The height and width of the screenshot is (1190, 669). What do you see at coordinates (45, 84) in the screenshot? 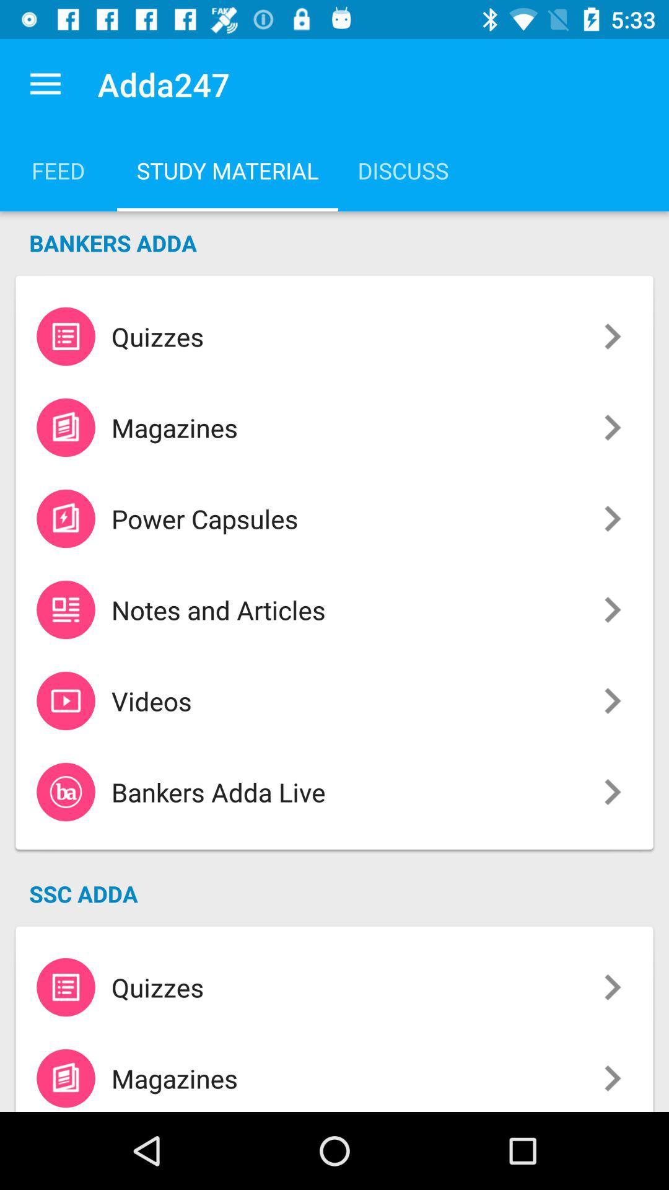
I see `icon above the feed icon` at bounding box center [45, 84].